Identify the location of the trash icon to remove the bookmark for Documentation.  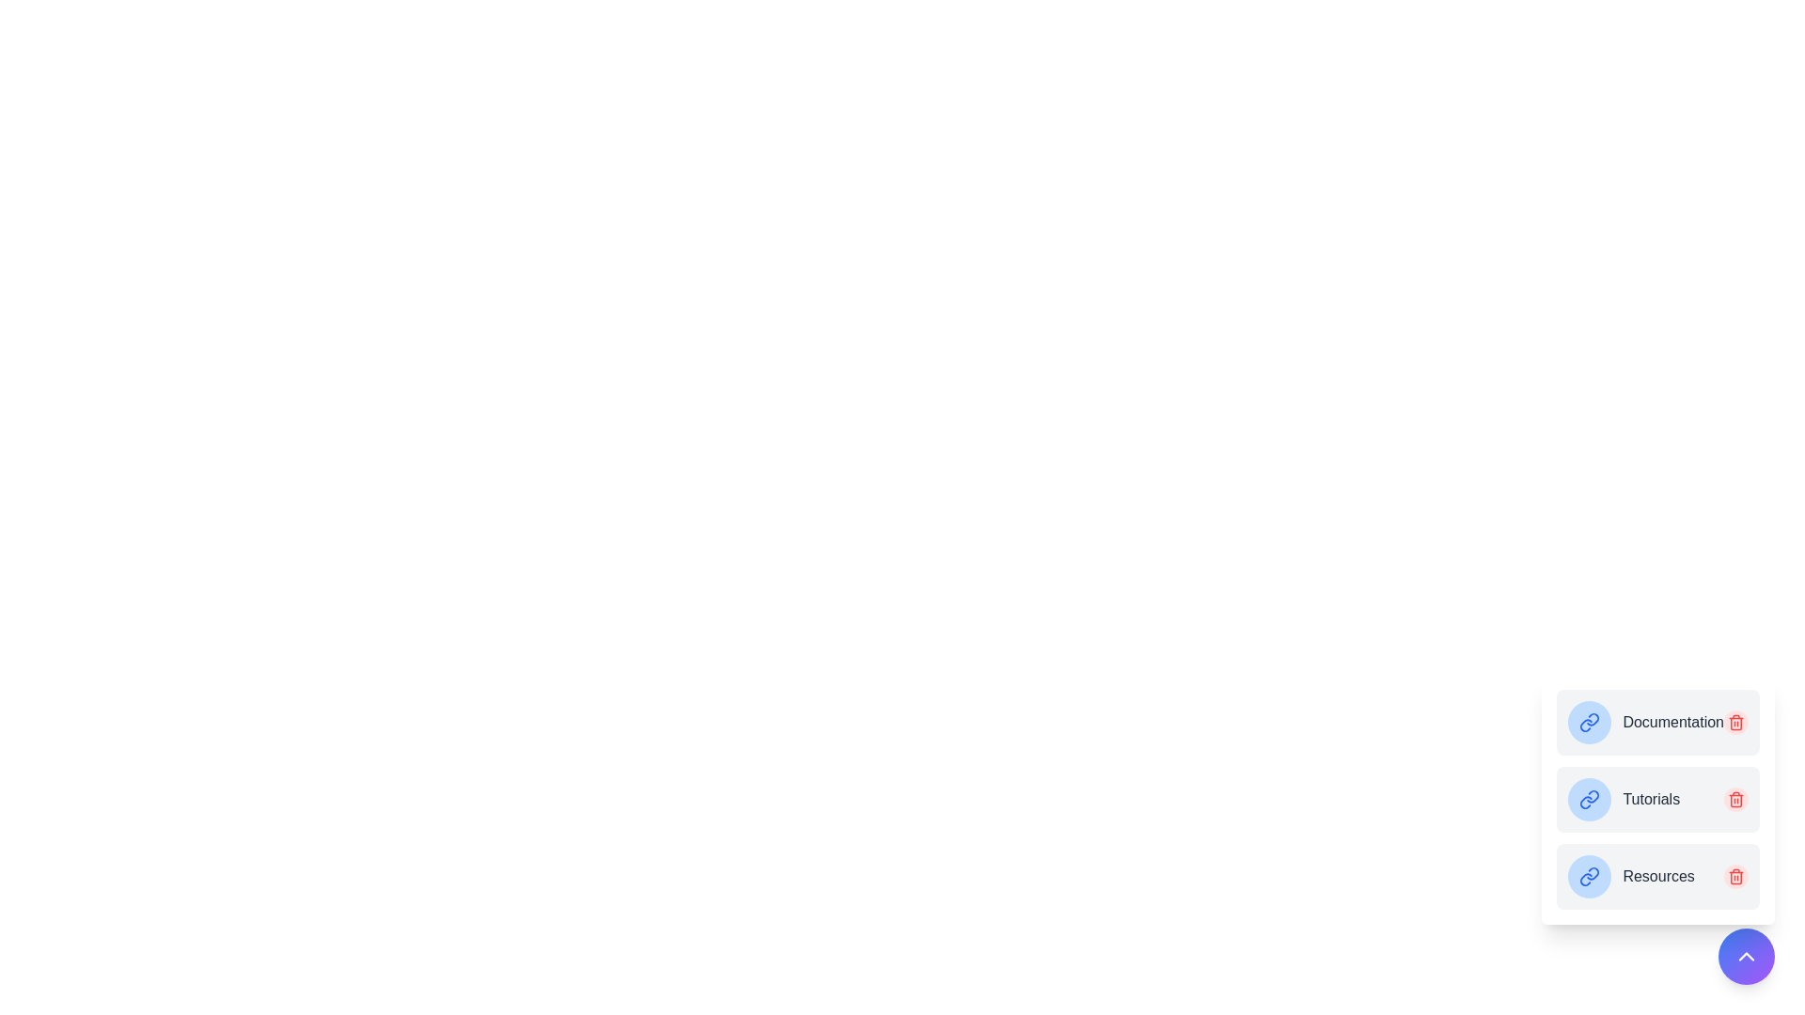
(1735, 721).